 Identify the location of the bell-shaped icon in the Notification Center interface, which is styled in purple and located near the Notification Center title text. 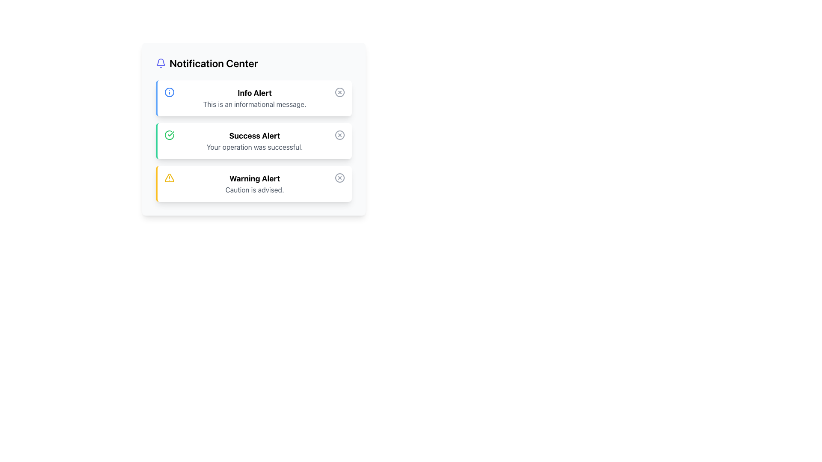
(161, 62).